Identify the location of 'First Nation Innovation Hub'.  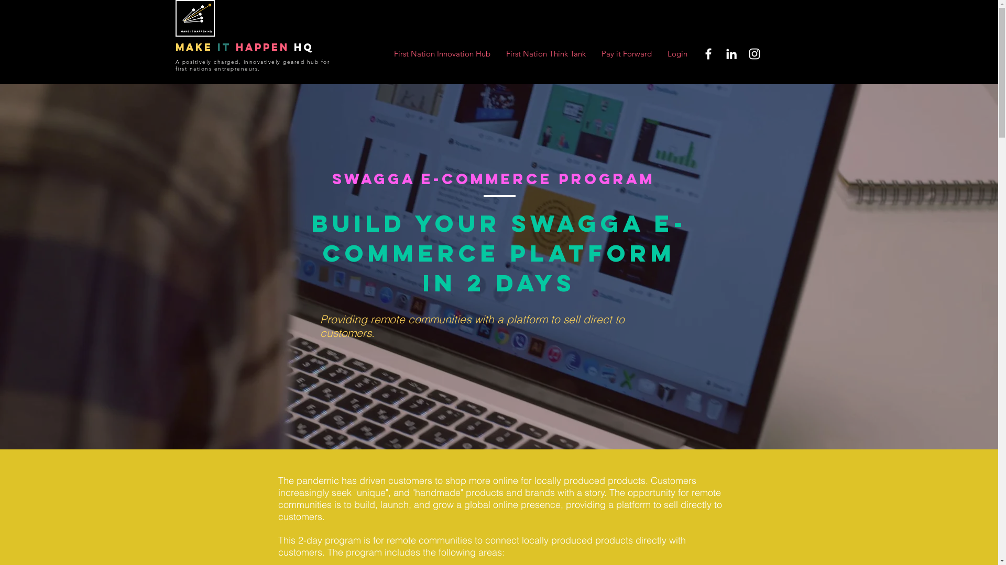
(442, 54).